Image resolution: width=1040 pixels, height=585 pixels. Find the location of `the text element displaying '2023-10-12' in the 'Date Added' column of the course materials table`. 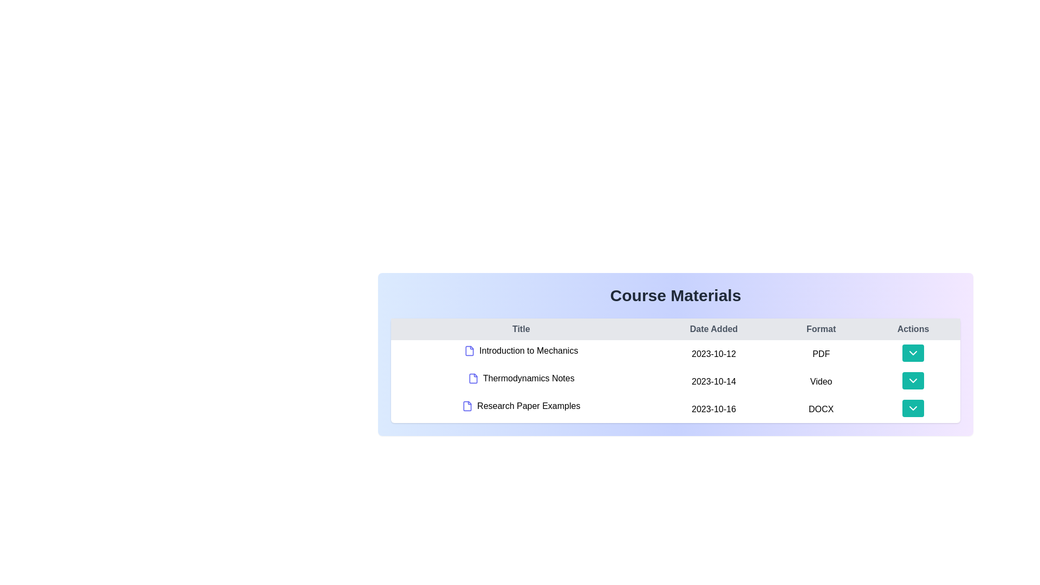

the text element displaying '2023-10-12' in the 'Date Added' column of the course materials table is located at coordinates (713, 354).